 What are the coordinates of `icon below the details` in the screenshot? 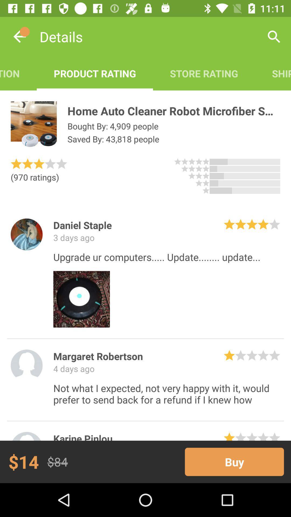 It's located at (18, 73).